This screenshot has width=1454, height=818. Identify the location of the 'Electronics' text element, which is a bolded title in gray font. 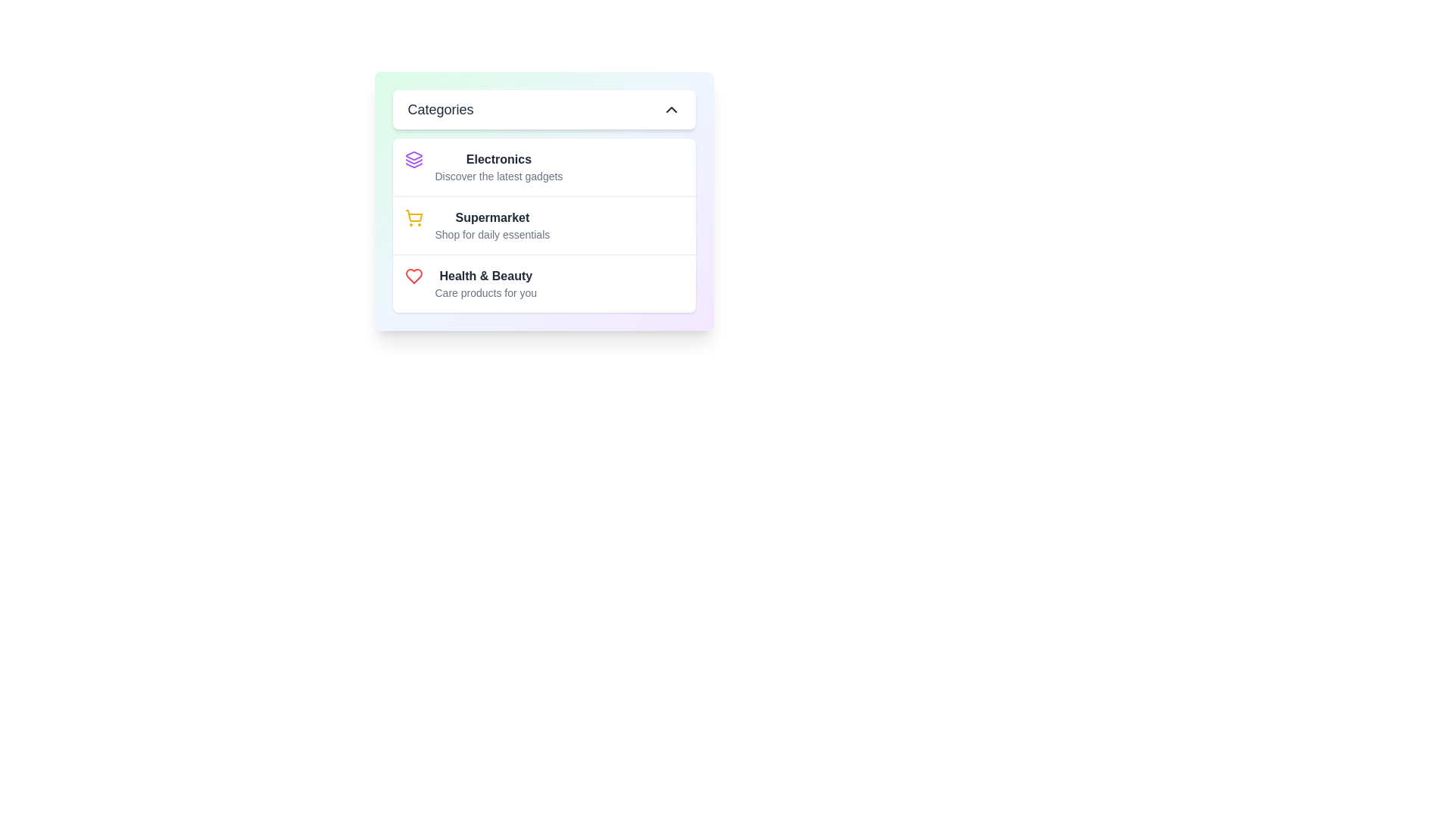
(498, 167).